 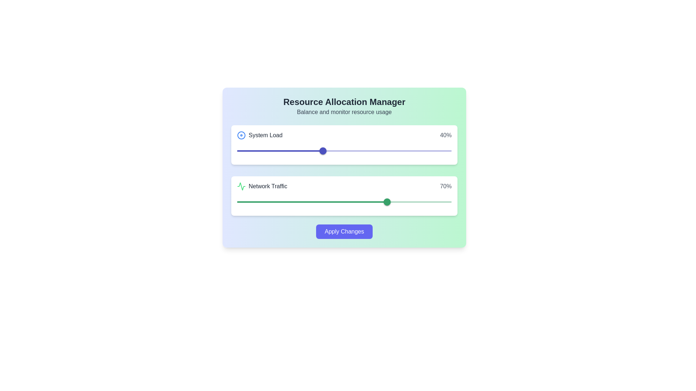 What do you see at coordinates (445, 186) in the screenshot?
I see `the text label displaying '70%' in gray color, which indicates network traffic status and is aligned with the 'Network Traffic' text and icon` at bounding box center [445, 186].